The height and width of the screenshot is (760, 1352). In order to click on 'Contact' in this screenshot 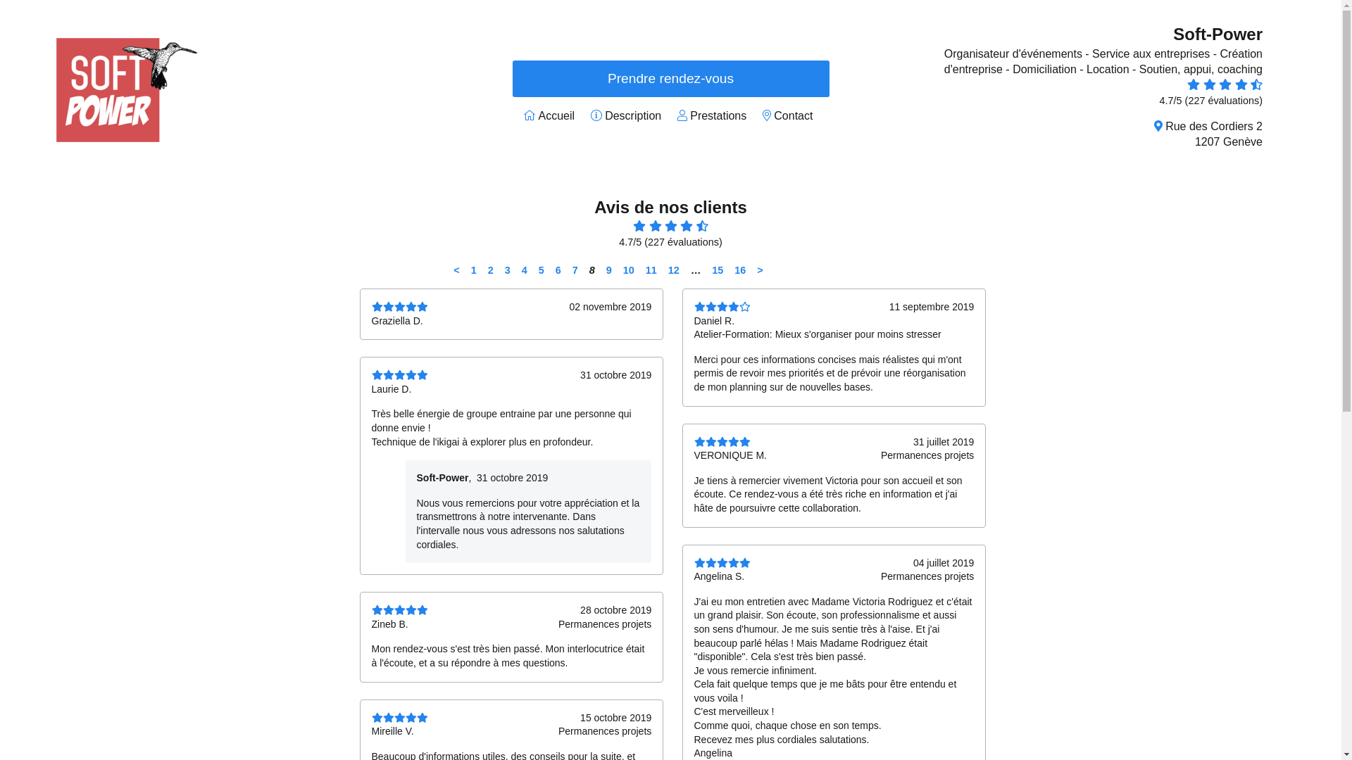, I will do `click(793, 115)`.